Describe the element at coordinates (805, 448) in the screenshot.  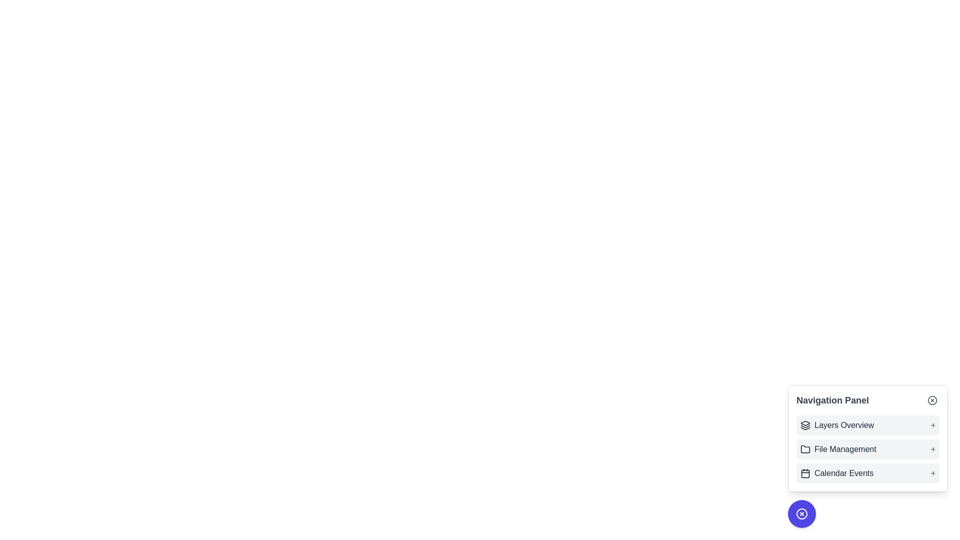
I see `the small minimalist folder icon located in the navigation panel, adjacent to the 'File Management' label` at that location.